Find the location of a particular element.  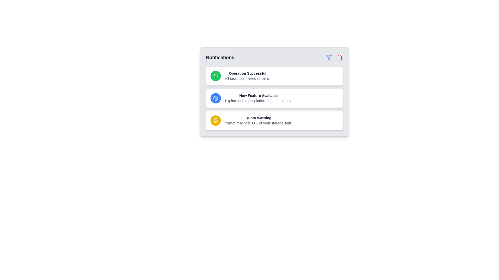

the red trash bin icon, which is the second icon from the left in a horizontal bar containing two icons is located at coordinates (339, 58).